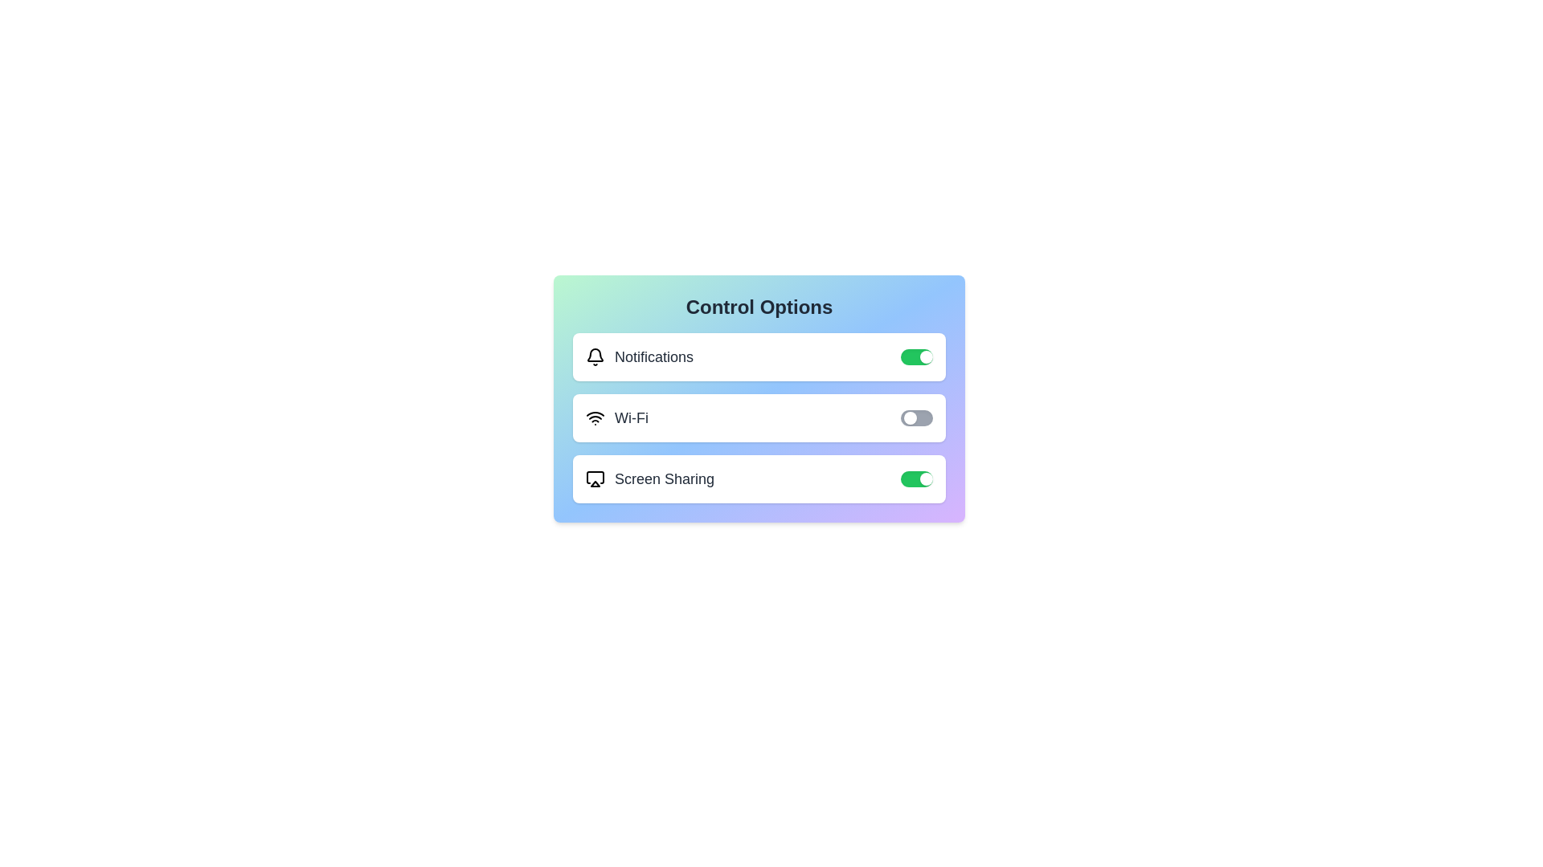  I want to click on the text label of the option Wi-Fi to focus or highlight it, so click(616, 417).